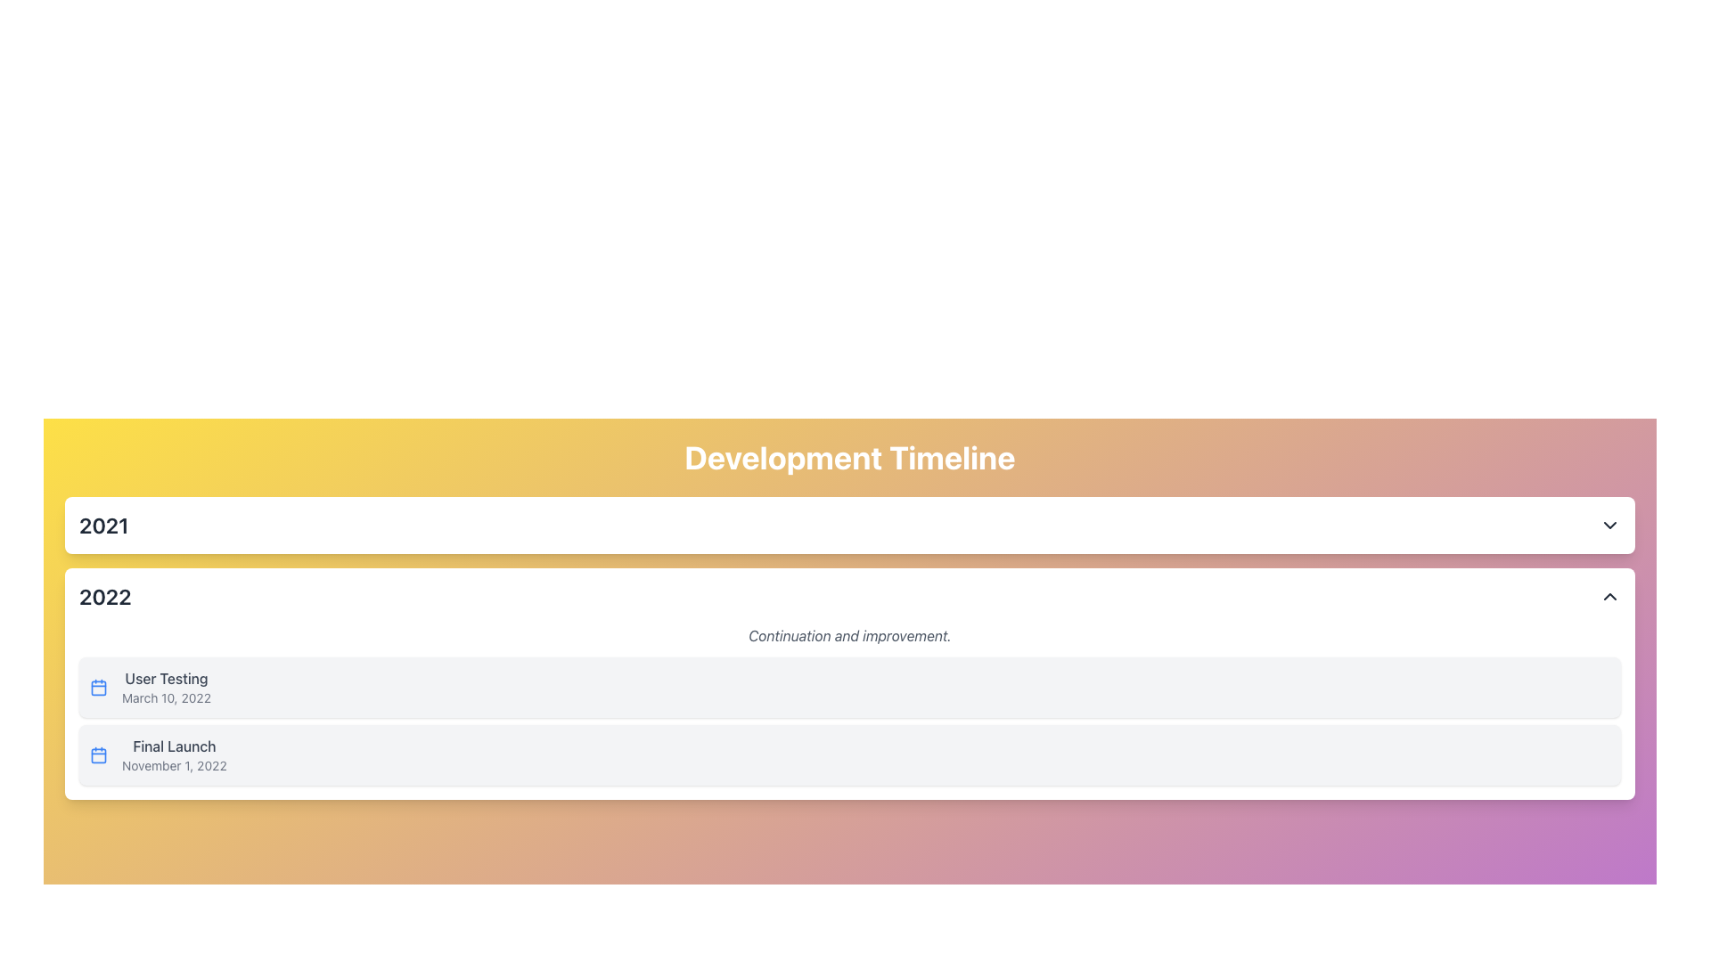 This screenshot has width=1711, height=962. I want to click on visual styling of the Text label displaying the date for the 'Final Launch' event, located below the 'Final Launch' text in the '2022' section of the timeline, so click(174, 765).